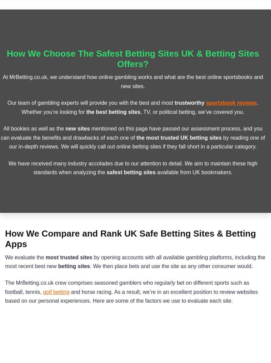 The width and height of the screenshot is (271, 363). Describe the element at coordinates (1, 133) in the screenshot. I see `'mentioned on this page have passed our assessment process, and you can evaluate the benefits and drawbacks of each one of'` at that location.